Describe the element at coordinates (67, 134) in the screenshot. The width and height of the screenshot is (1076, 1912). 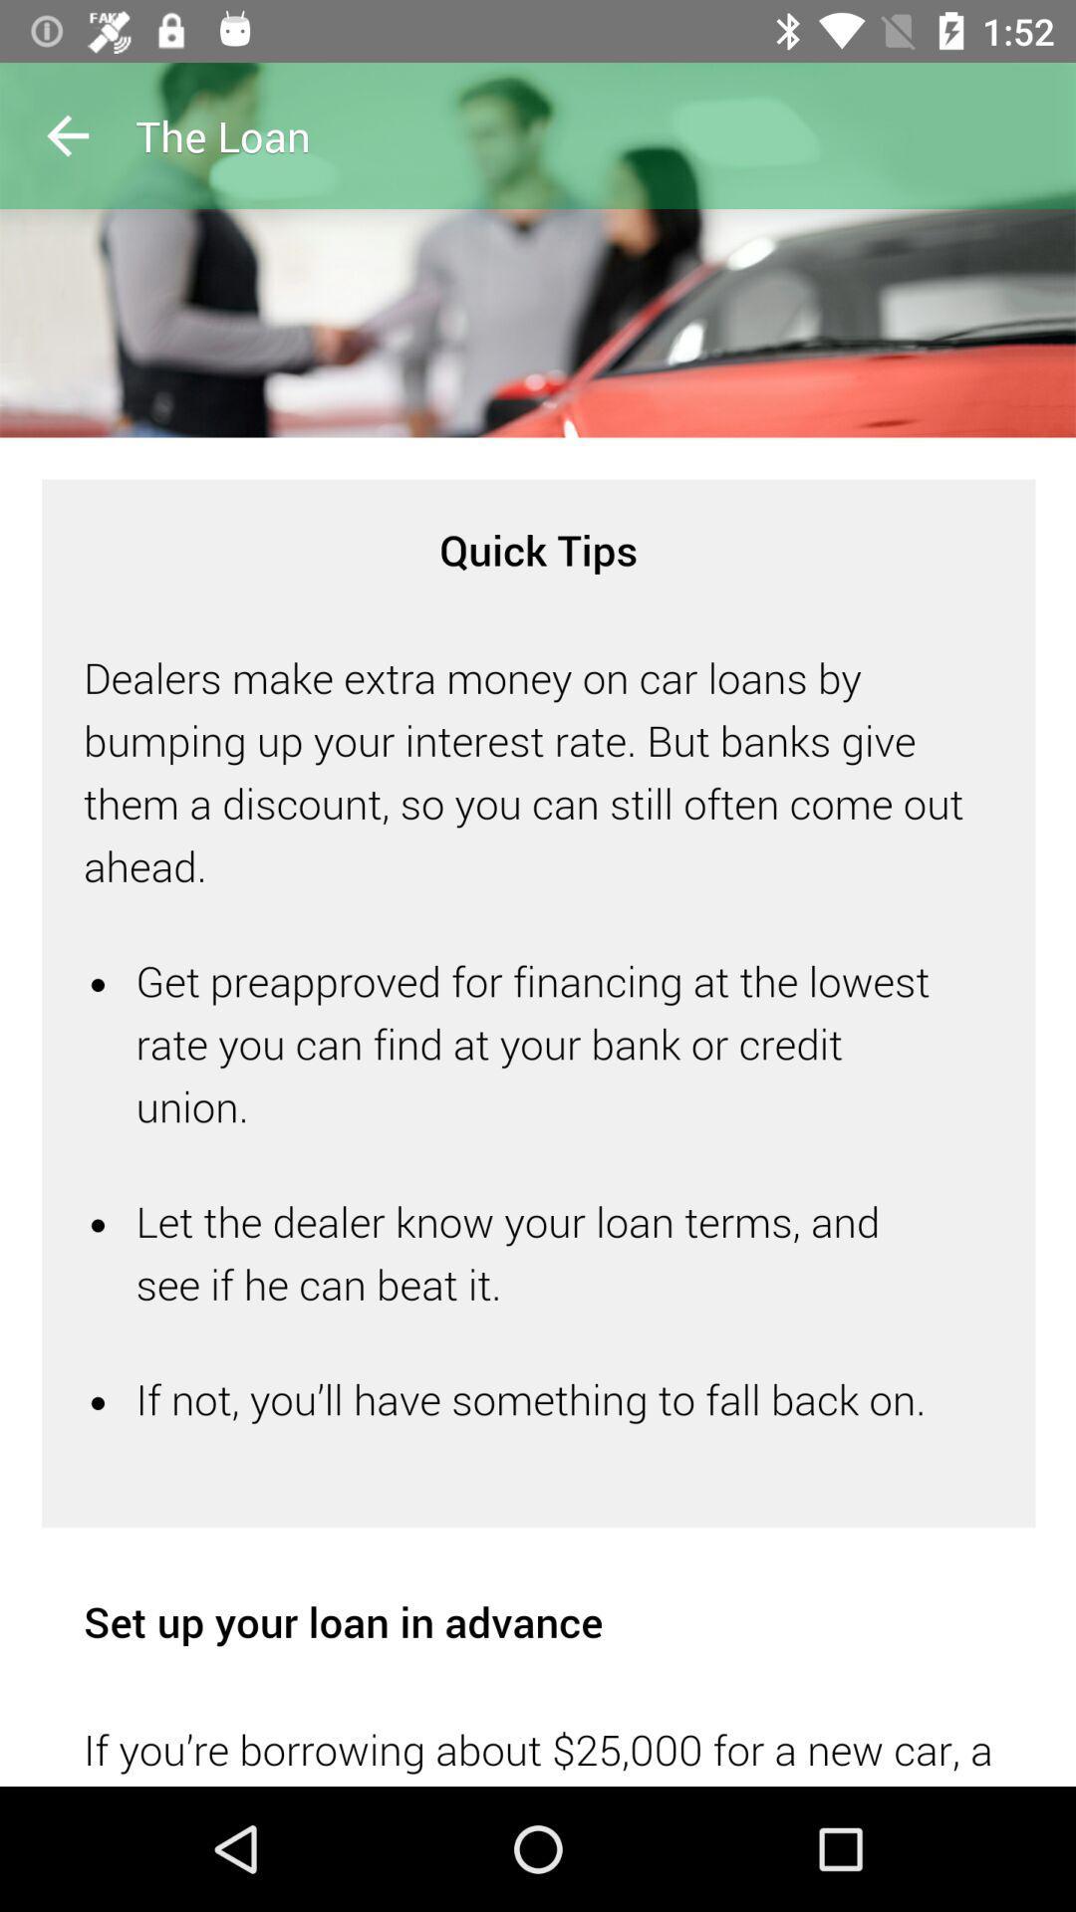
I see `move backward` at that location.